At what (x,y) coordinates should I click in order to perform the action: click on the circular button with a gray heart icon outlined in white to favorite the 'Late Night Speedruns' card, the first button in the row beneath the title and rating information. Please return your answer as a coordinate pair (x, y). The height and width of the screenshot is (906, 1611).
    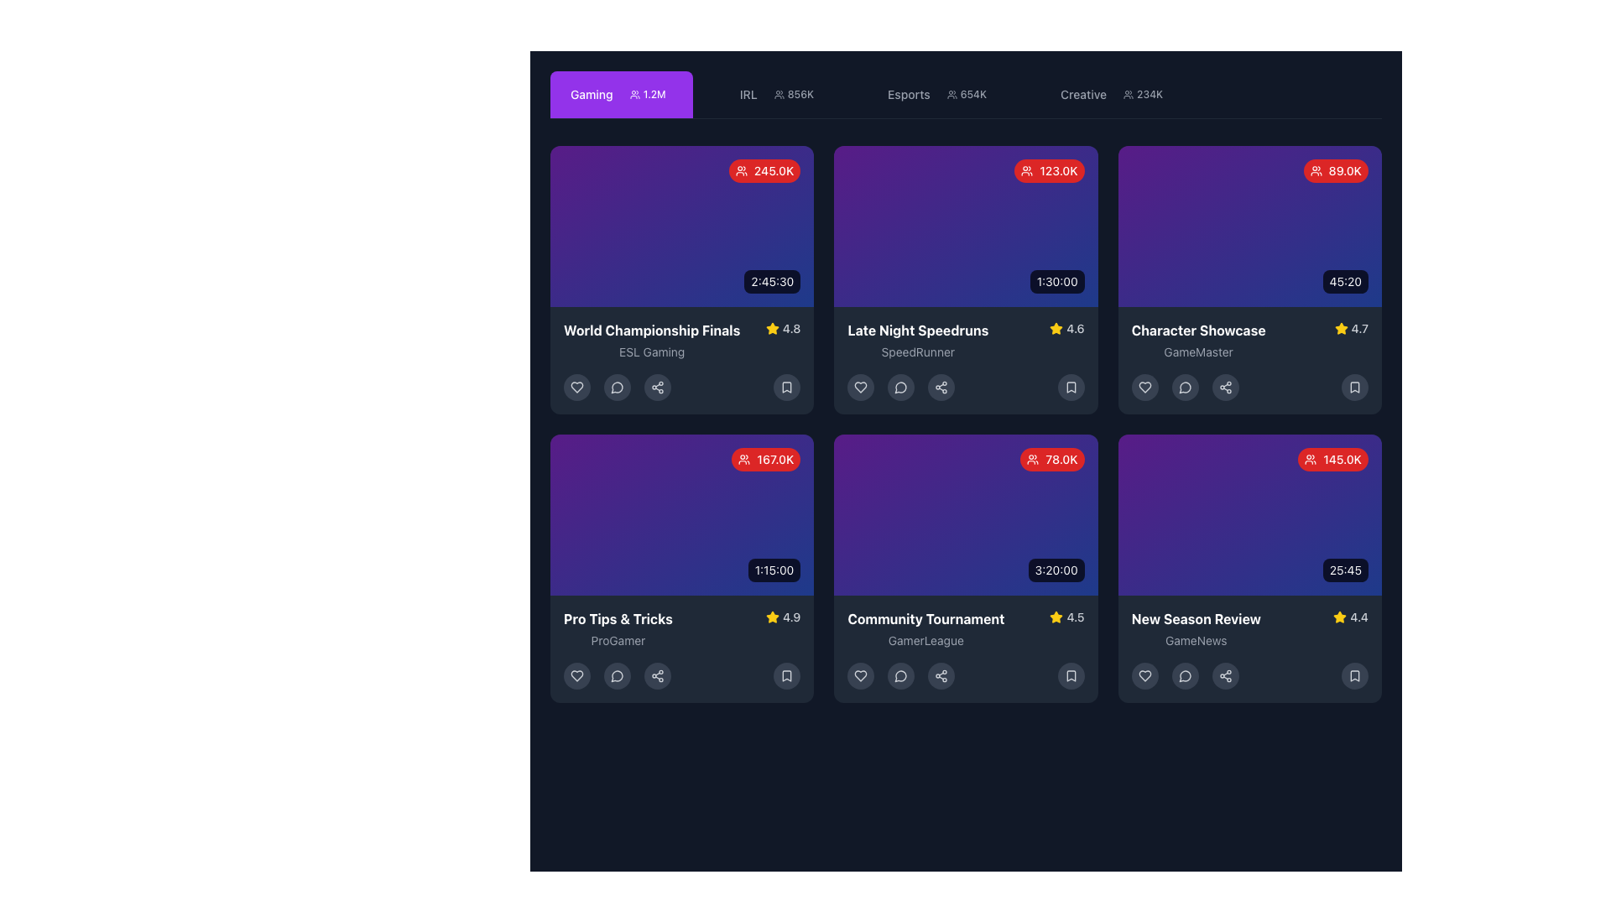
    Looking at the image, I should click on (861, 388).